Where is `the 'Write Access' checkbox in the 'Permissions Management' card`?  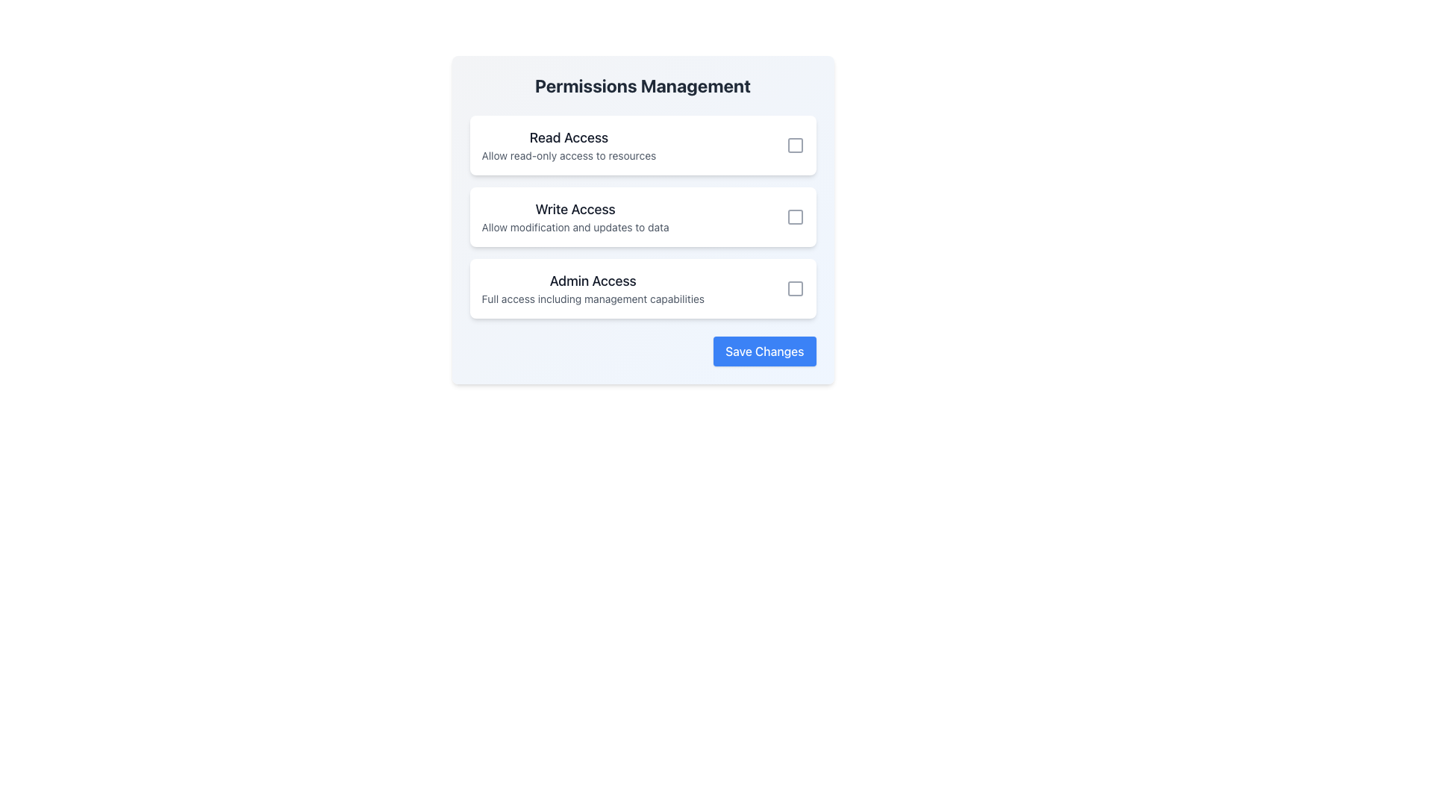
the 'Write Access' checkbox in the 'Permissions Management' card is located at coordinates (643, 216).